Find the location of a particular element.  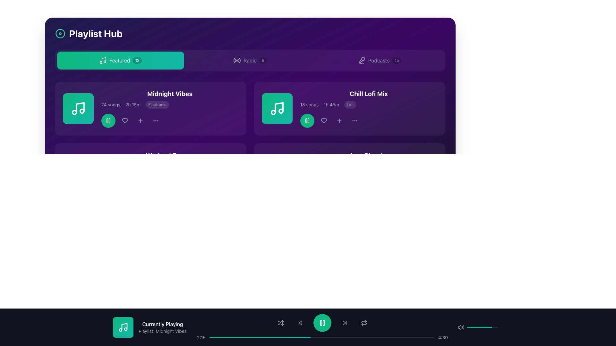

the left vertical bar of the pause button located centrally in the bottom playback control section to interact with the pause functionality is located at coordinates (321, 323).